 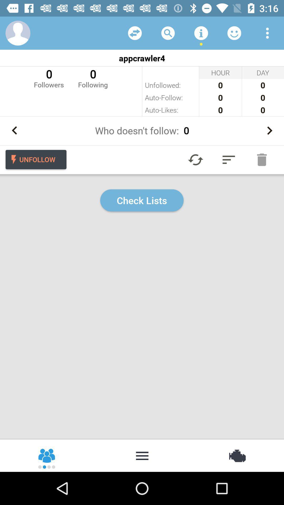 What do you see at coordinates (168, 33) in the screenshot?
I see `serch` at bounding box center [168, 33].